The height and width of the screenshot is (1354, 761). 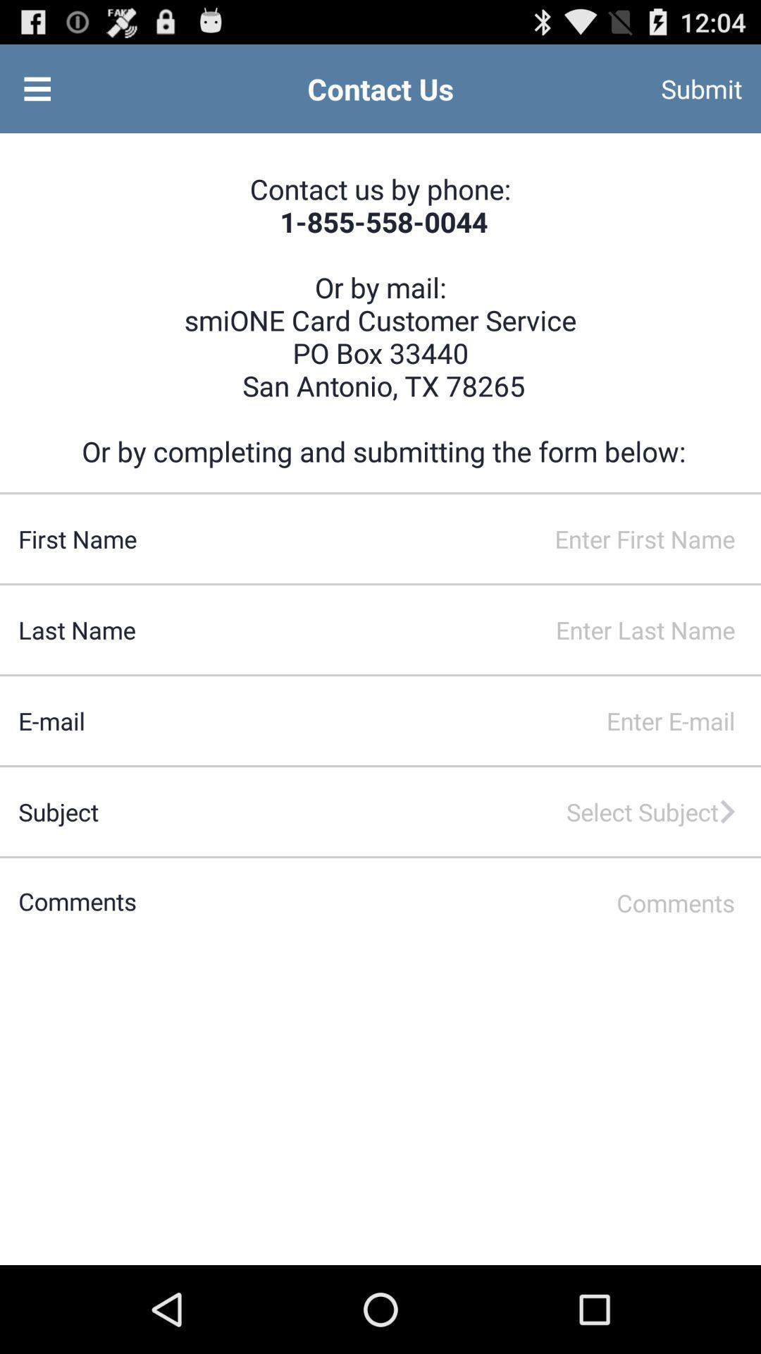 I want to click on the comments field, so click(x=449, y=903).